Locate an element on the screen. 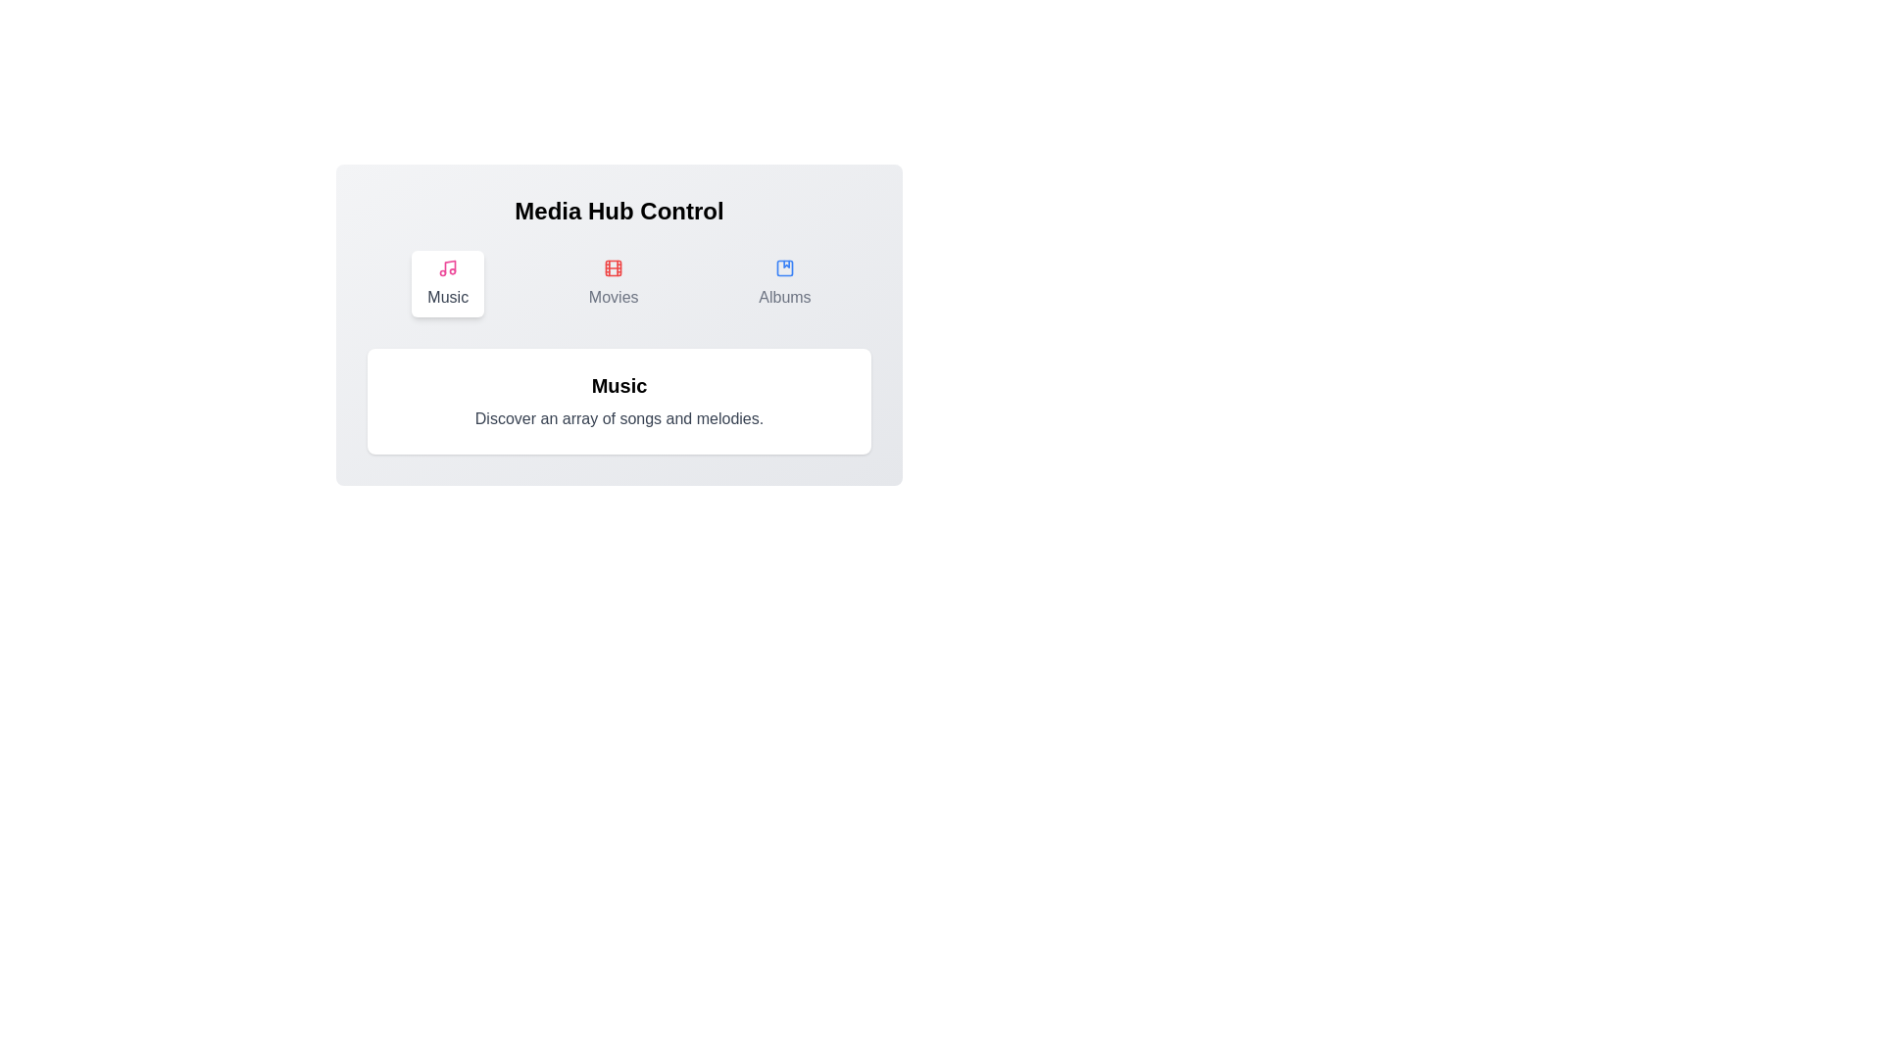  the Albums button to observe its hover effect is located at coordinates (785, 283).